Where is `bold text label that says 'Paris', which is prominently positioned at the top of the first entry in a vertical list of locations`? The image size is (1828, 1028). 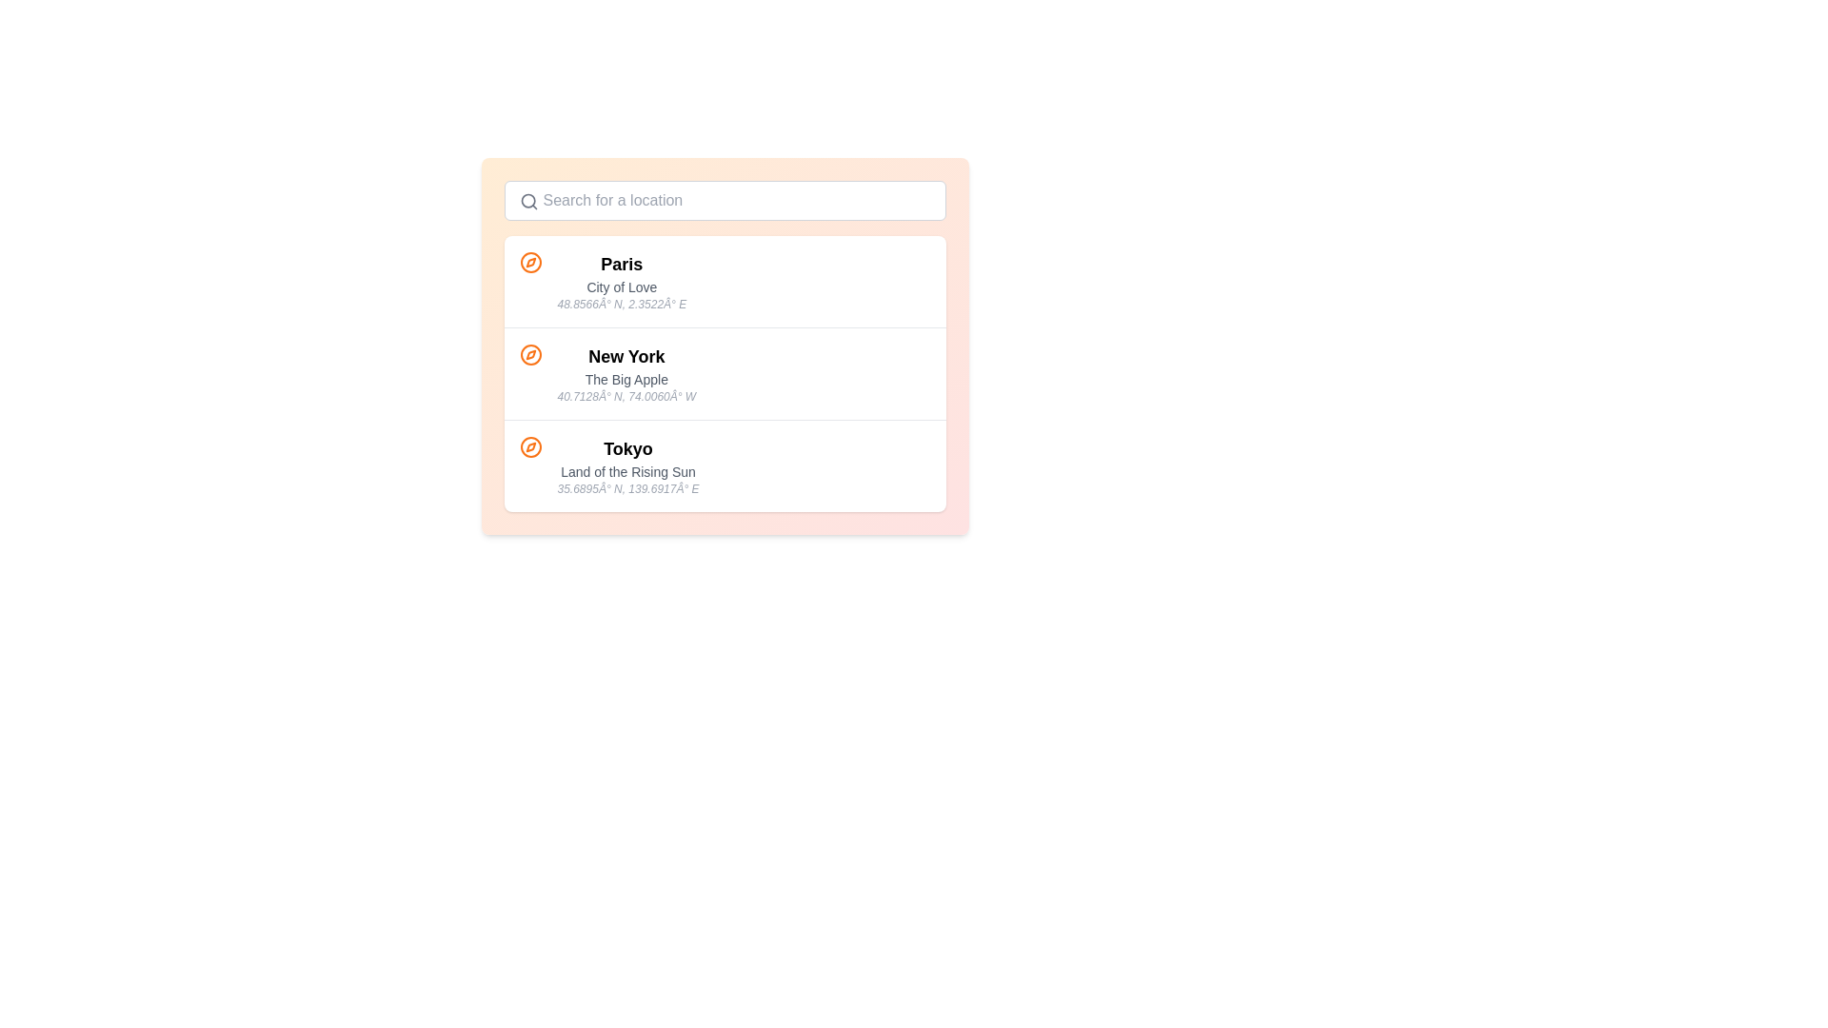
bold text label that says 'Paris', which is prominently positioned at the top of the first entry in a vertical list of locations is located at coordinates (622, 264).